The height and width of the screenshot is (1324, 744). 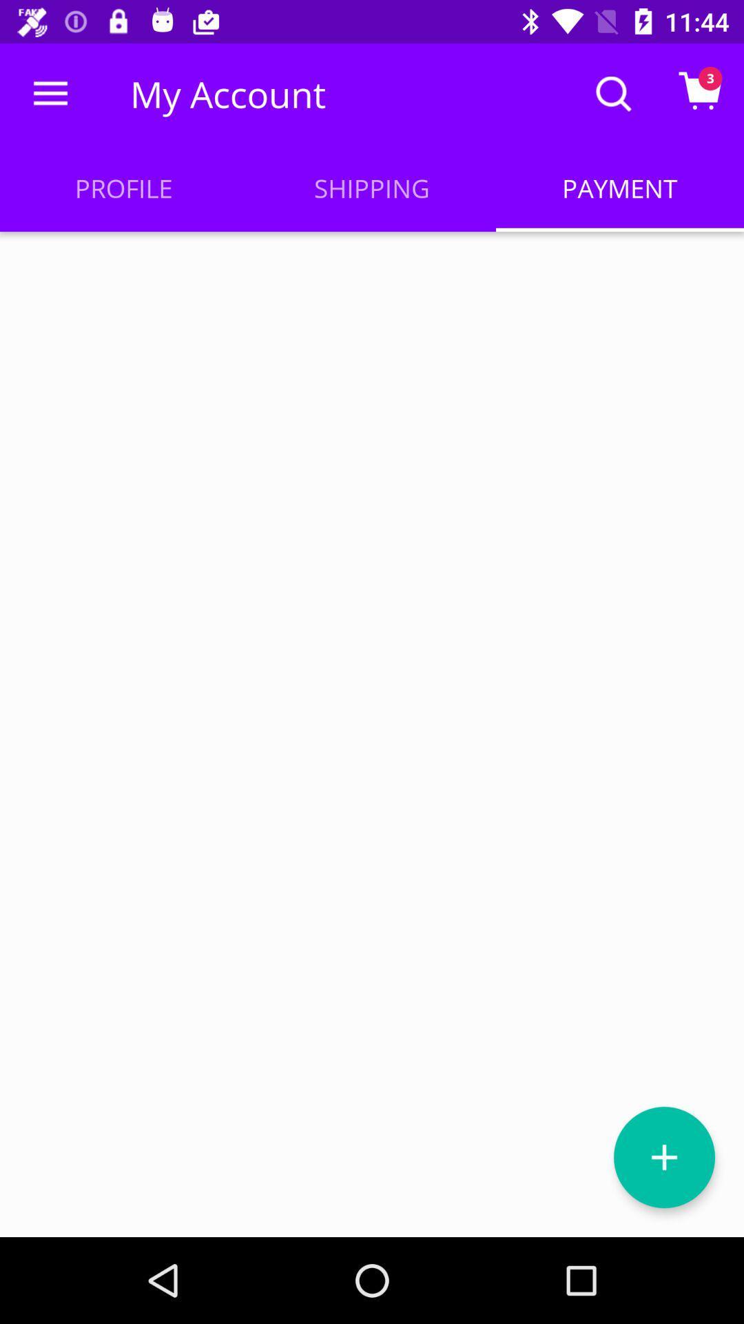 I want to click on the add icon, so click(x=663, y=1157).